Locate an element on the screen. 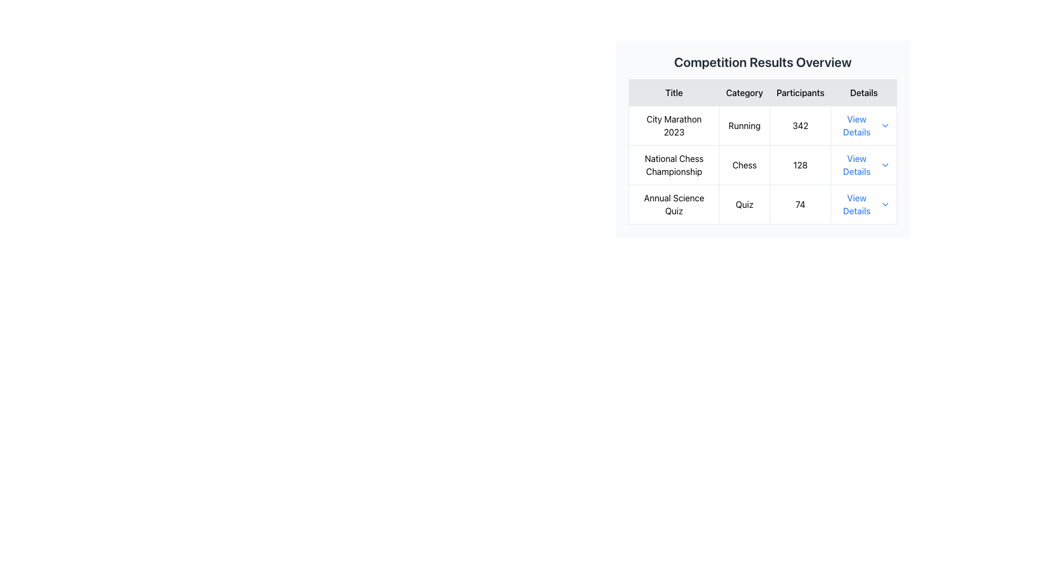 The width and height of the screenshot is (1037, 583). the first row of the table summarizing information about the 'City Marathon 2023' event, which includes details such as category 'Running' and participation '342' is located at coordinates (762, 125).